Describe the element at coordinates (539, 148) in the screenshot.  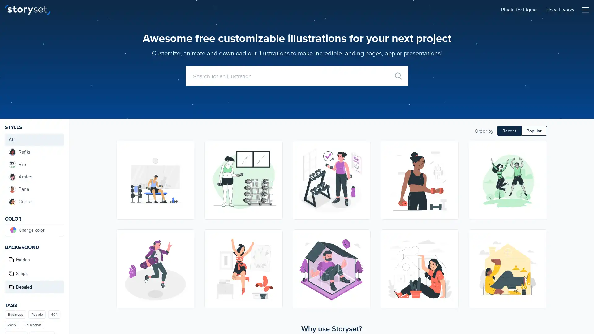
I see `wand icon Animate` at that location.